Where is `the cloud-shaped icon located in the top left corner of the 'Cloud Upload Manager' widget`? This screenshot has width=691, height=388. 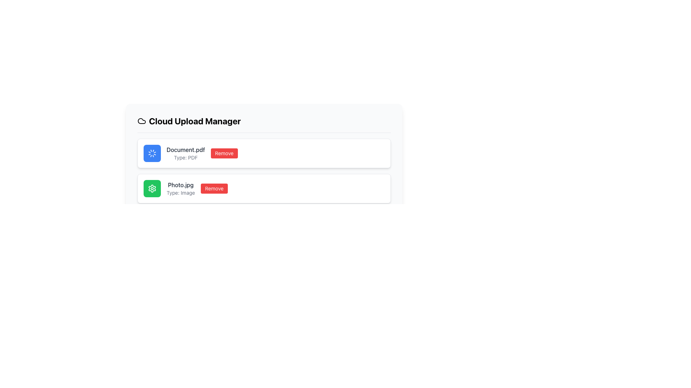 the cloud-shaped icon located in the top left corner of the 'Cloud Upload Manager' widget is located at coordinates (141, 120).